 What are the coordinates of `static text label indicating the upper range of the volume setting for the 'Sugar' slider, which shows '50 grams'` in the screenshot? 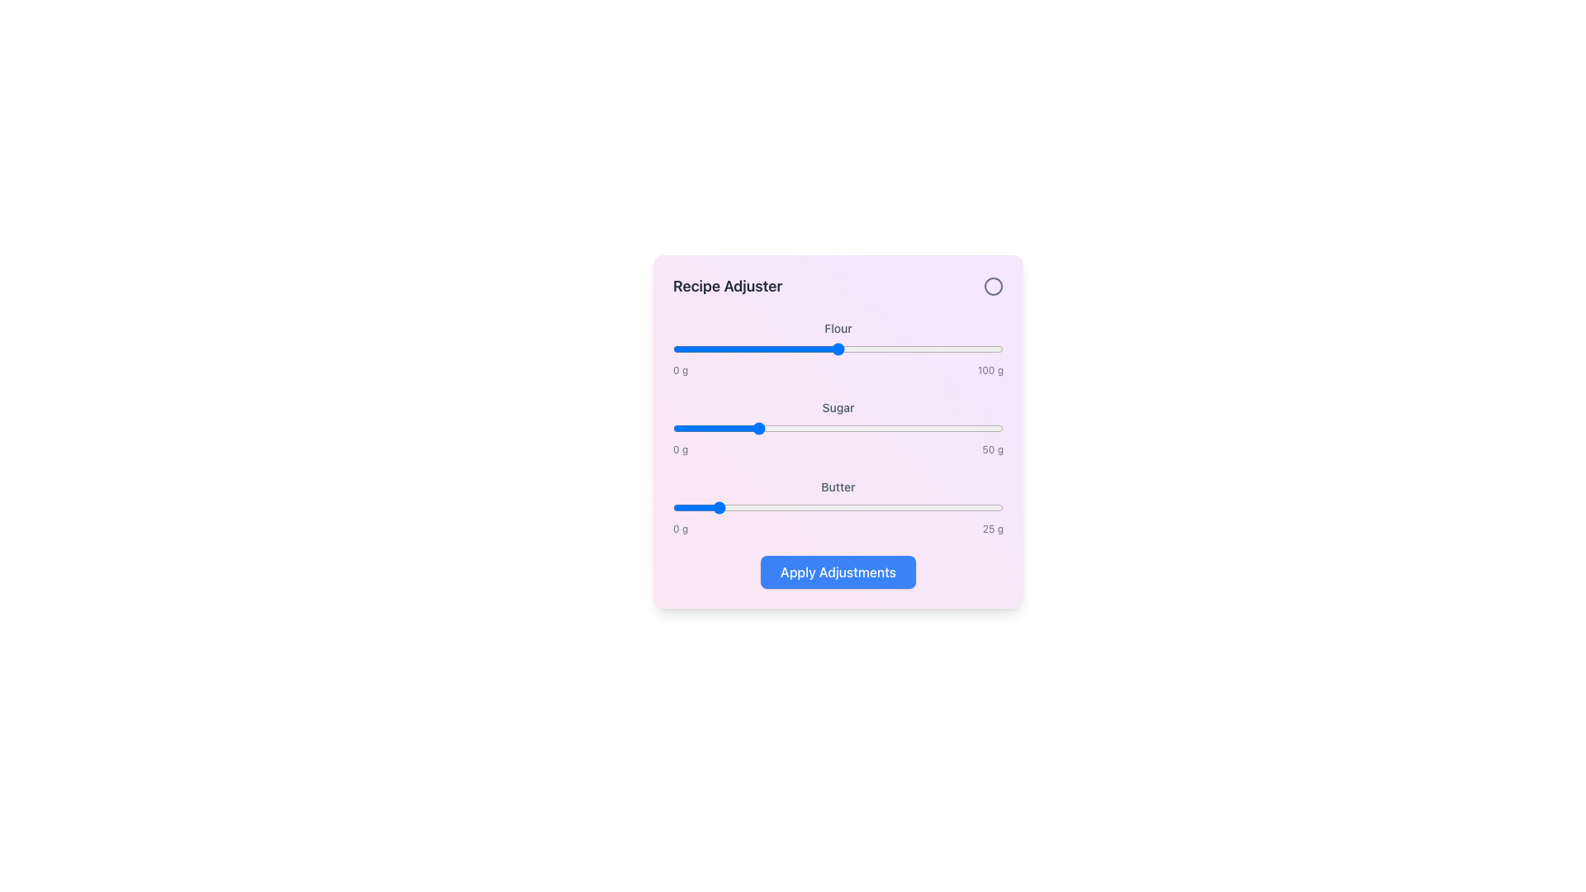 It's located at (992, 449).